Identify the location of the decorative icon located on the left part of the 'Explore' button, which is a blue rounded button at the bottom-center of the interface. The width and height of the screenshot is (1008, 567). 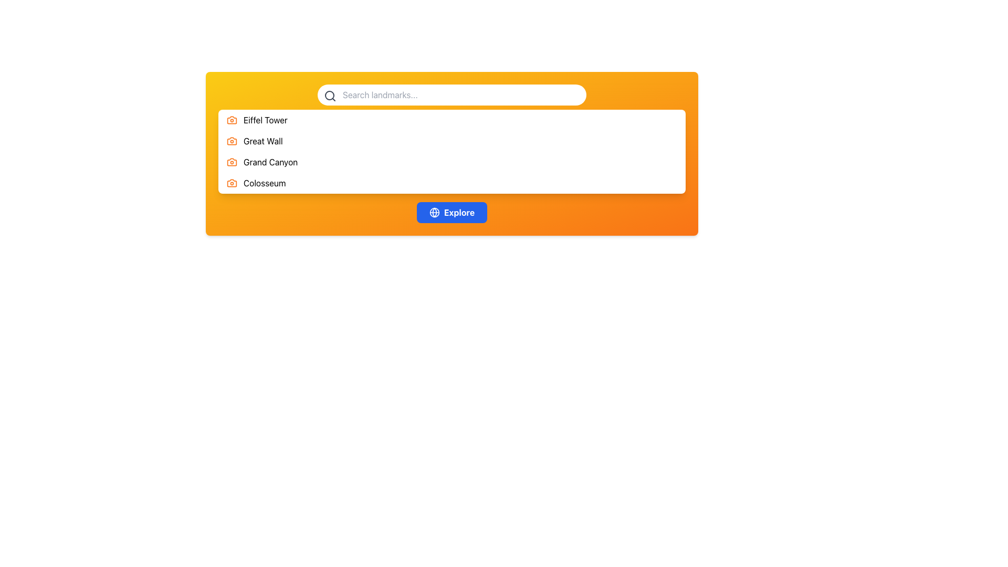
(434, 213).